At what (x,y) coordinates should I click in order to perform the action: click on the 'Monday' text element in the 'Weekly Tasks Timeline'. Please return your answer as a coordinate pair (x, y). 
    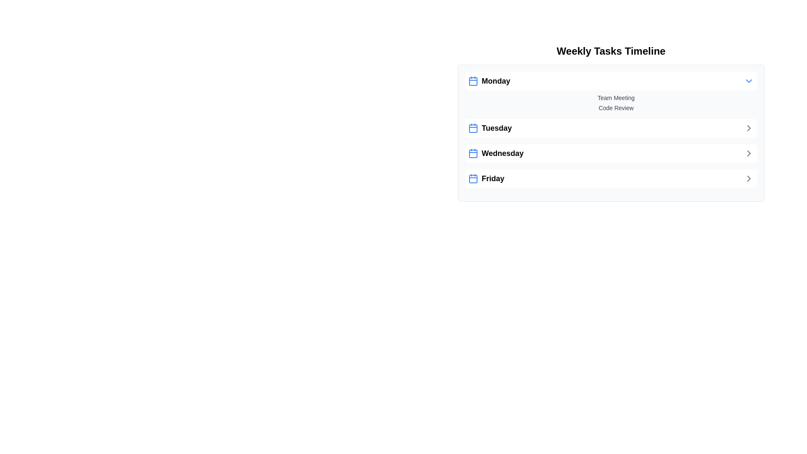
    Looking at the image, I should click on (489, 81).